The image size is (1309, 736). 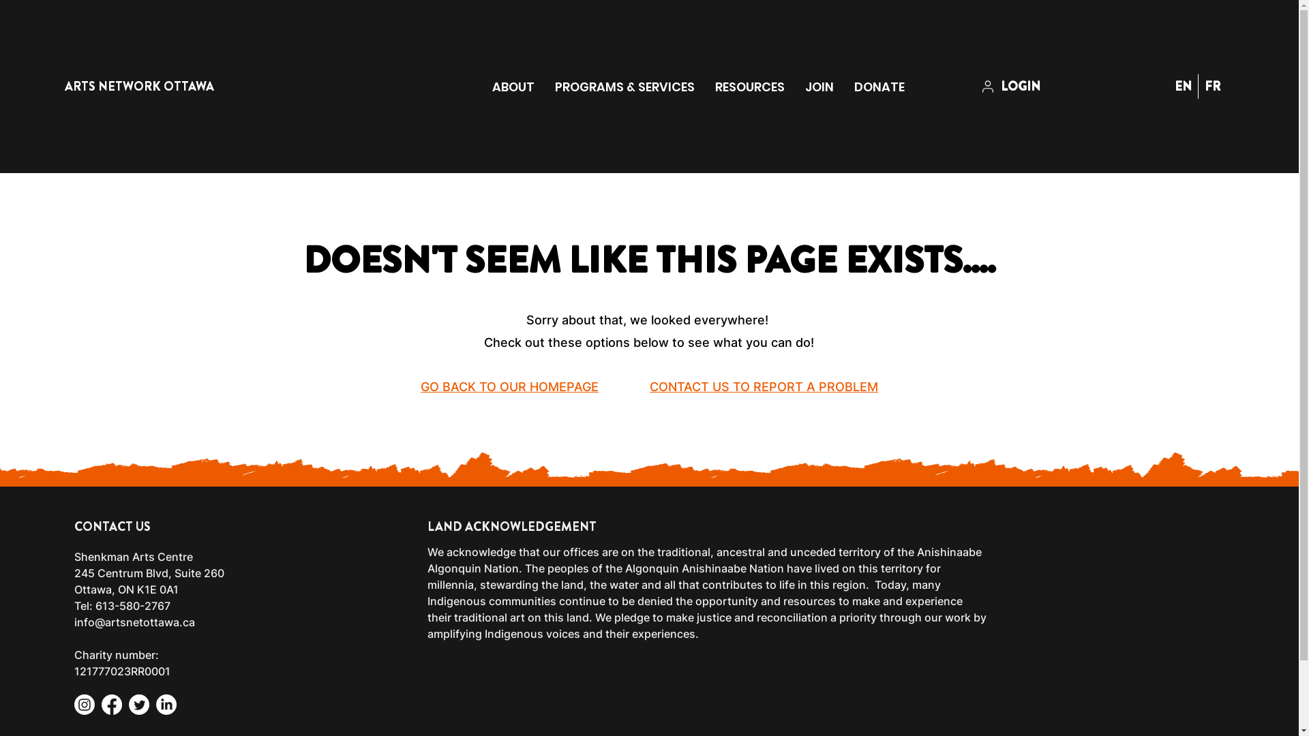 I want to click on 'DONATE', so click(x=879, y=87).